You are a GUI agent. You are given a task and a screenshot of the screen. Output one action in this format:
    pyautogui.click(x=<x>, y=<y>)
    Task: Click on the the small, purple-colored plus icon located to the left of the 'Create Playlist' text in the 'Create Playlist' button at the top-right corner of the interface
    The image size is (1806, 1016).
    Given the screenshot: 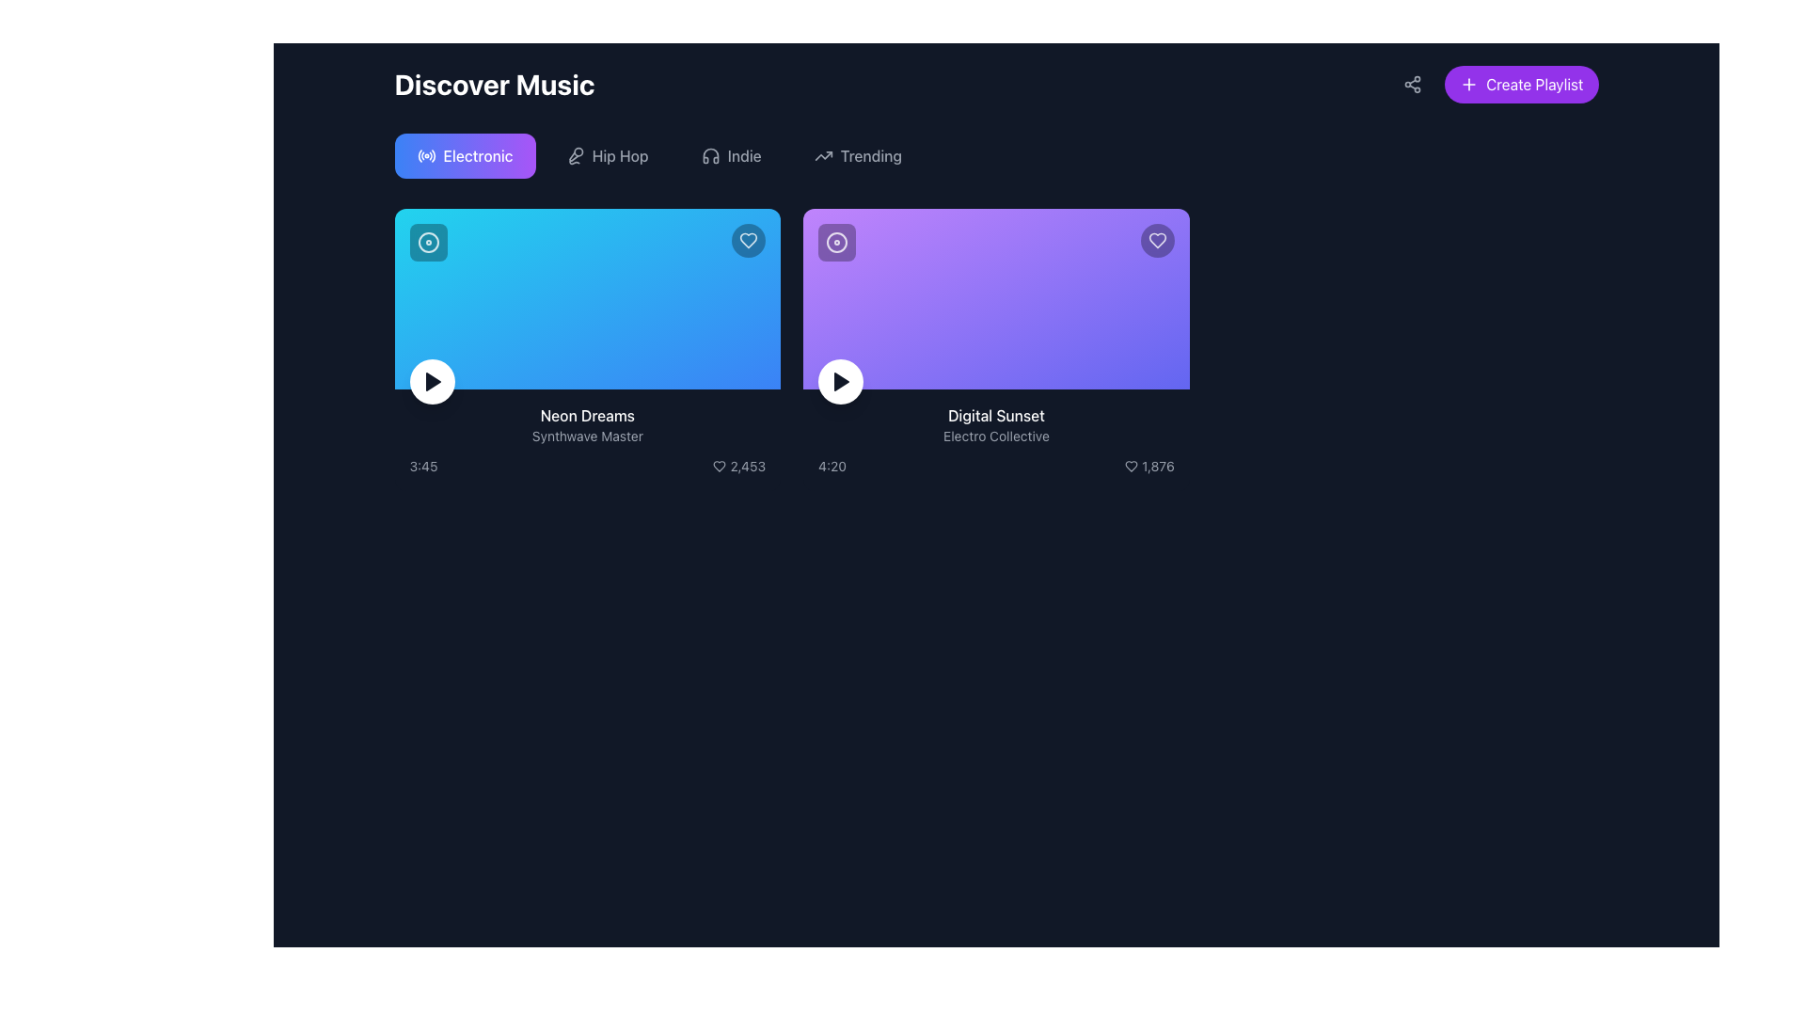 What is the action you would take?
    pyautogui.click(x=1468, y=83)
    